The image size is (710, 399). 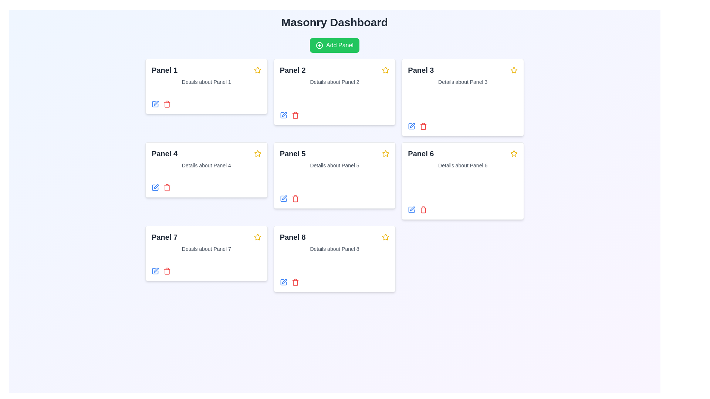 I want to click on text from the label that identifies the panel as 'Panel 2', which is positioned to the left of a star icon in the second panel of the first row in the grid layout, so click(x=292, y=70).